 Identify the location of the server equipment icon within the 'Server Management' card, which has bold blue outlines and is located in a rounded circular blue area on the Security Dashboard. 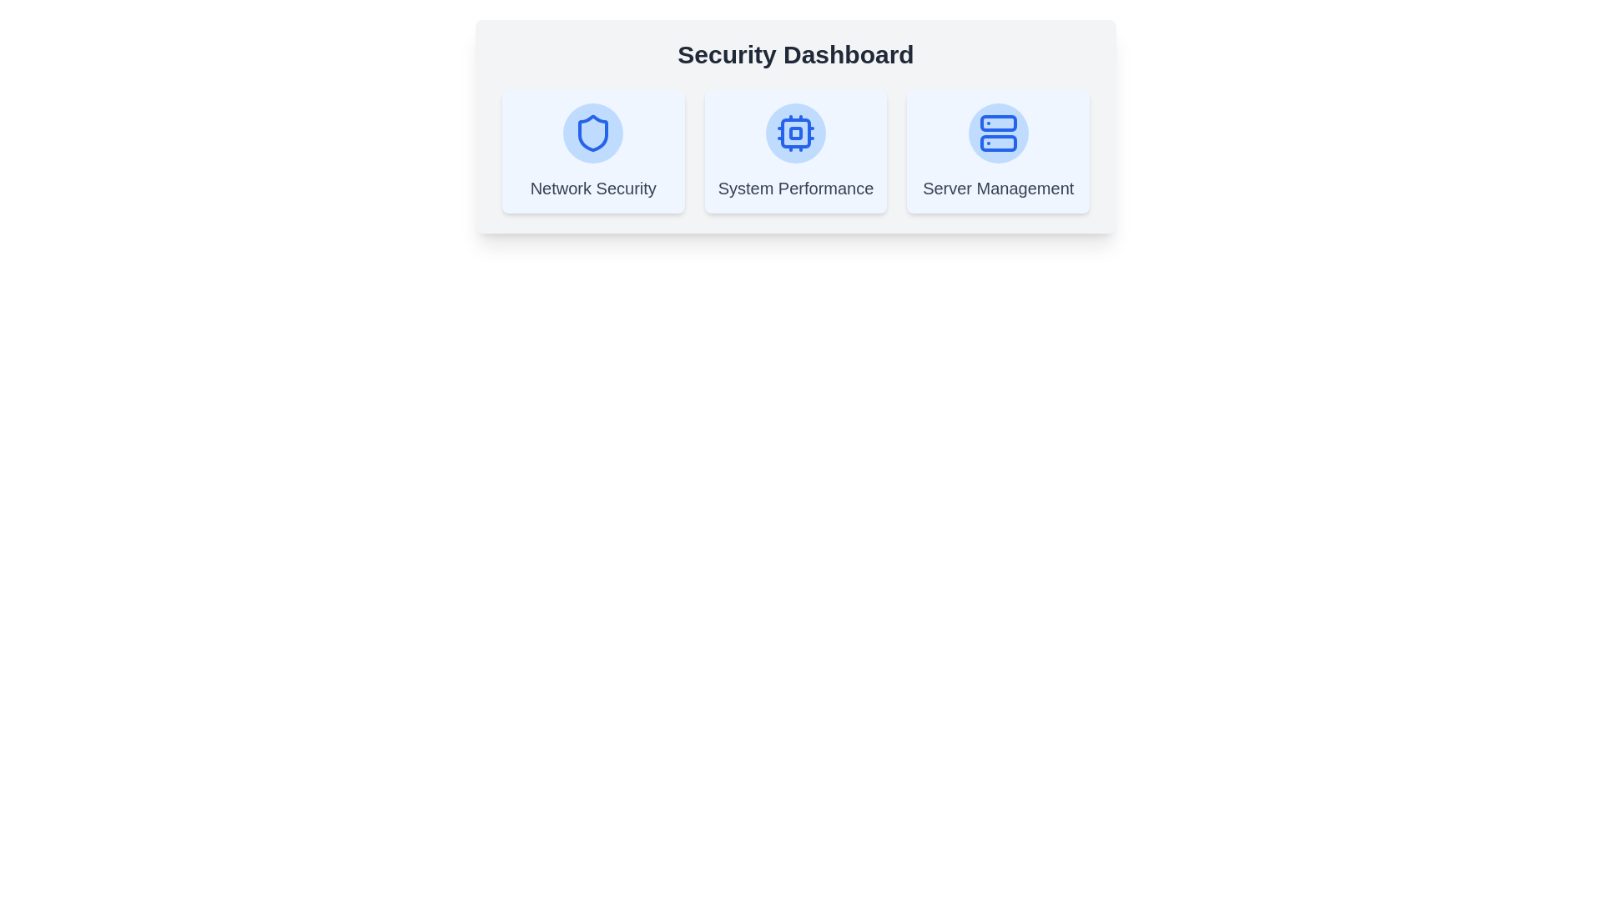
(998, 132).